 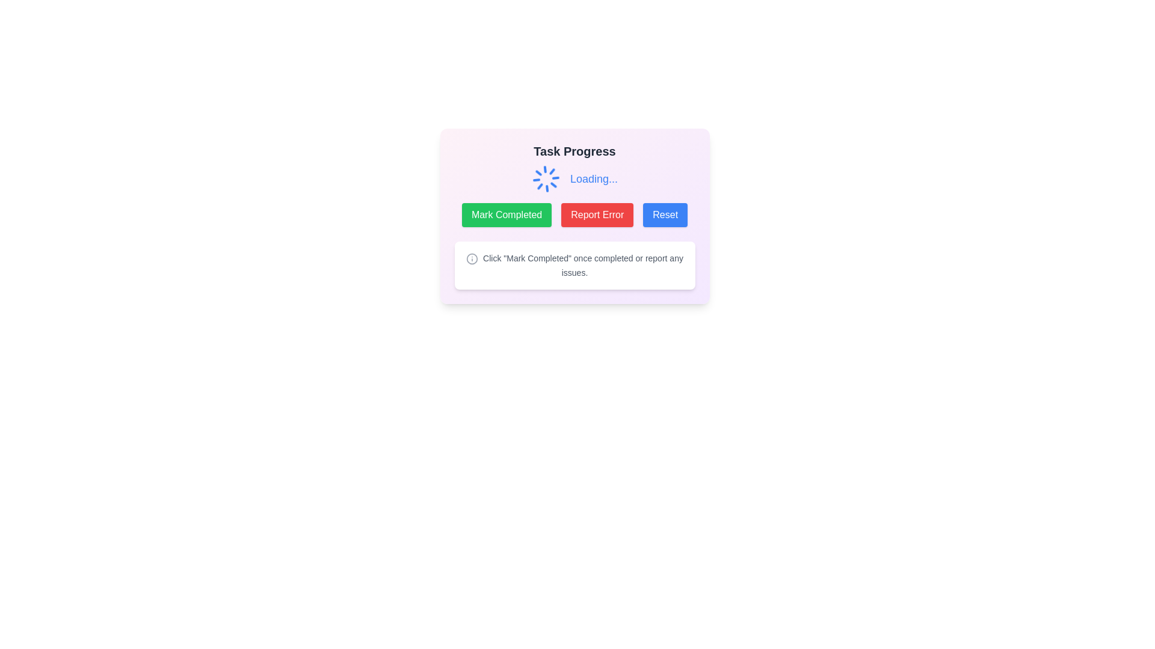 I want to click on the loading animation in the Card component with a gradient background and a central spinning blue loader icon labeled 'Loading...', so click(x=574, y=215).